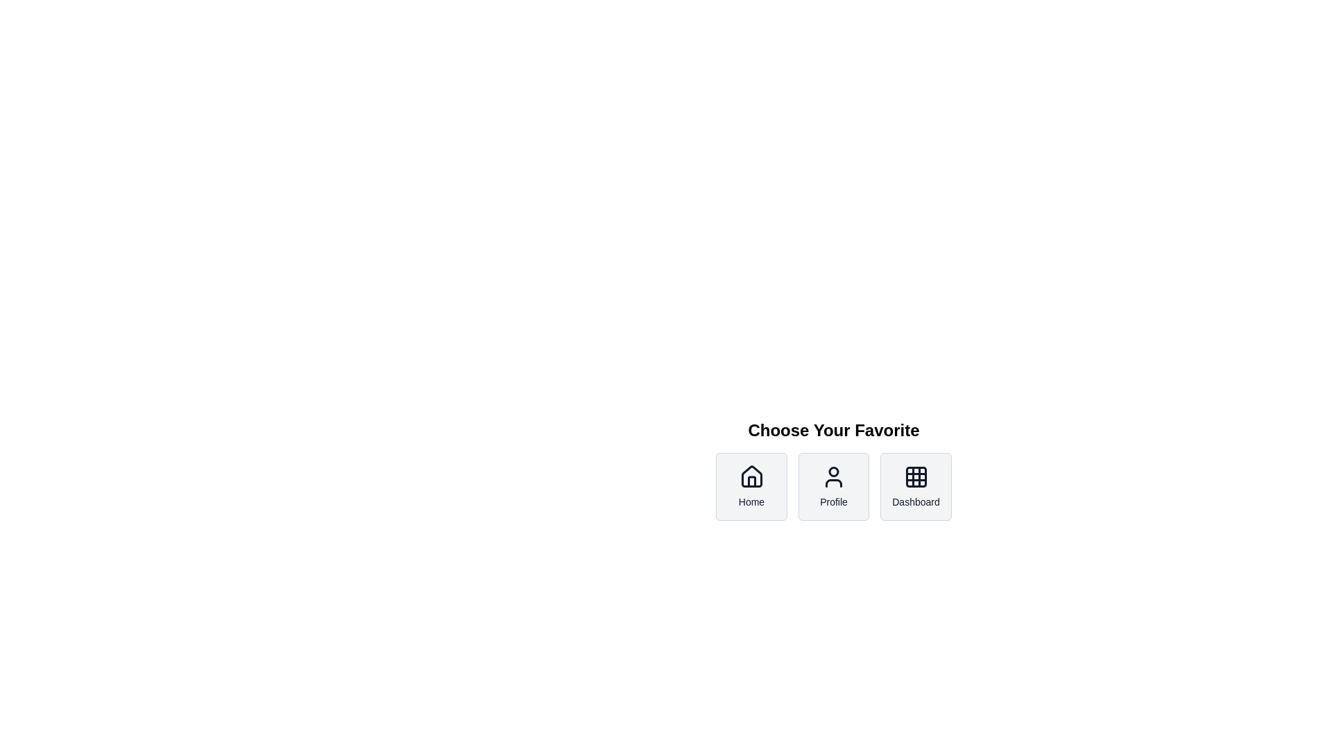 This screenshot has width=1332, height=749. I want to click on text label that reads 'Profile' which is styled with a small font size and appears in dark gray or black color on a light gray background, located within the 'Profile' section, so click(832, 502).